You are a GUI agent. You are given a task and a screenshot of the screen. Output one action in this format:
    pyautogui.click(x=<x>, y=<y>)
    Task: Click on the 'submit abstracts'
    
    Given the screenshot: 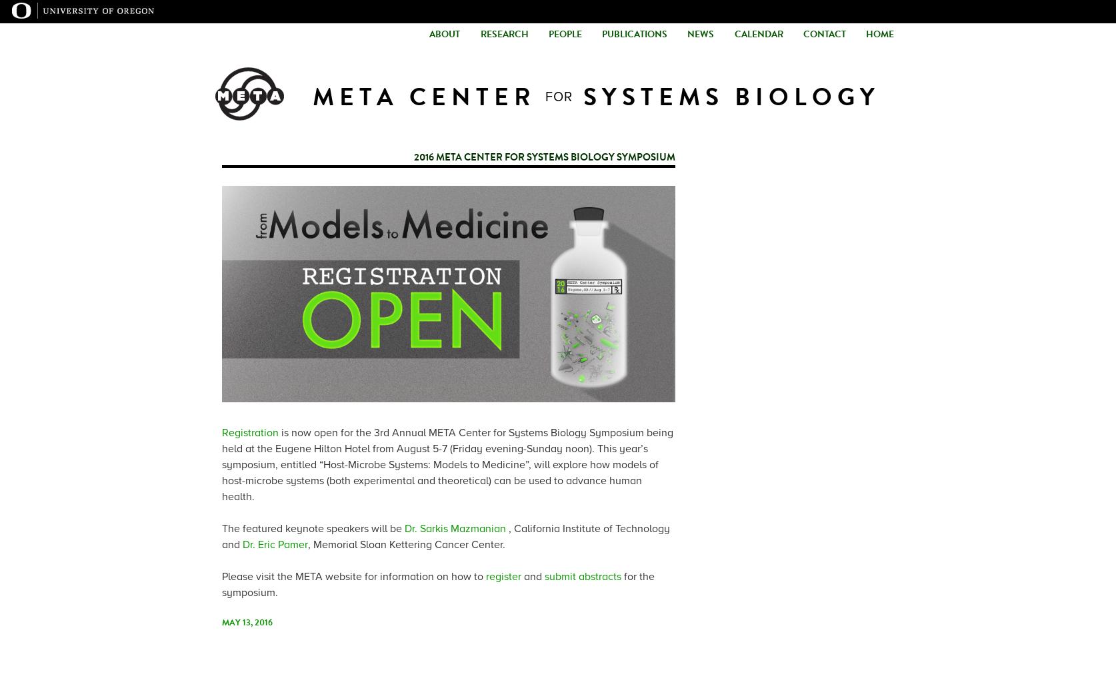 What is the action you would take?
    pyautogui.click(x=583, y=577)
    